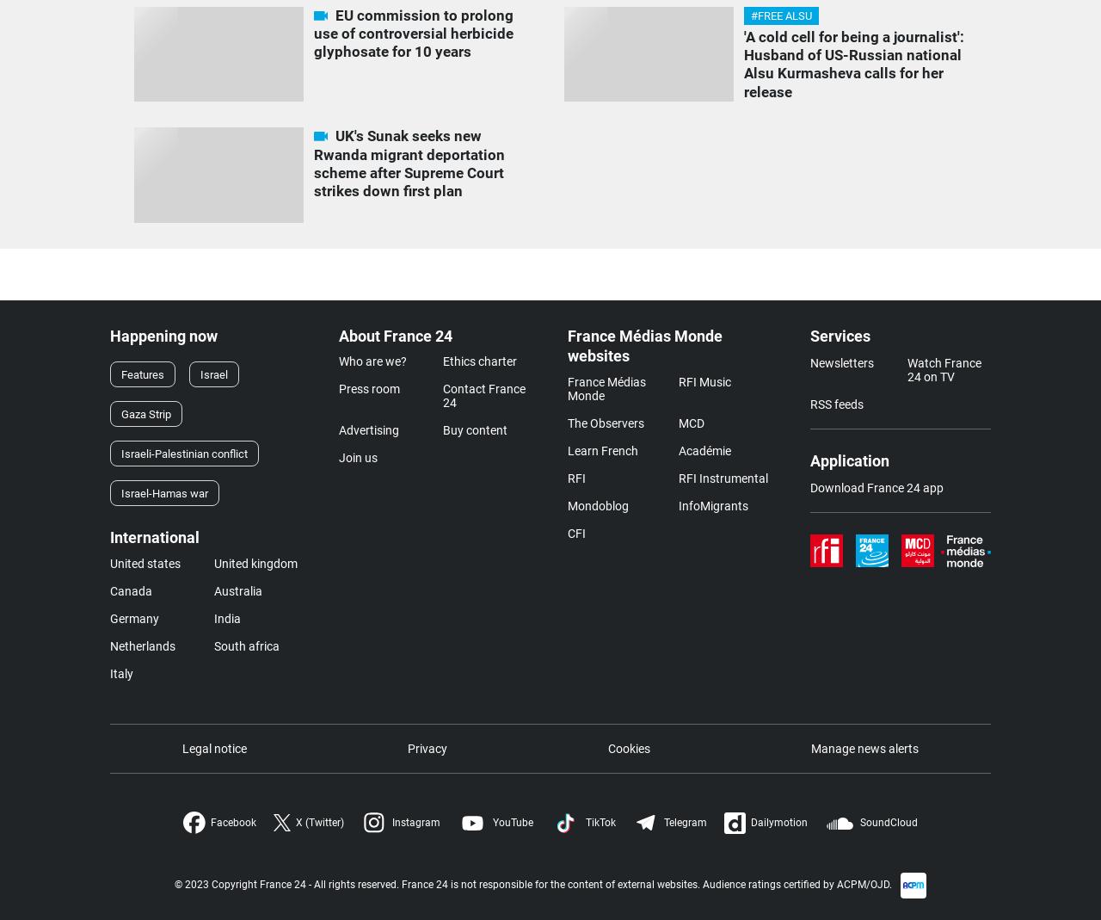  What do you see at coordinates (643, 345) in the screenshot?
I see `'France Médias Monde websites'` at bounding box center [643, 345].